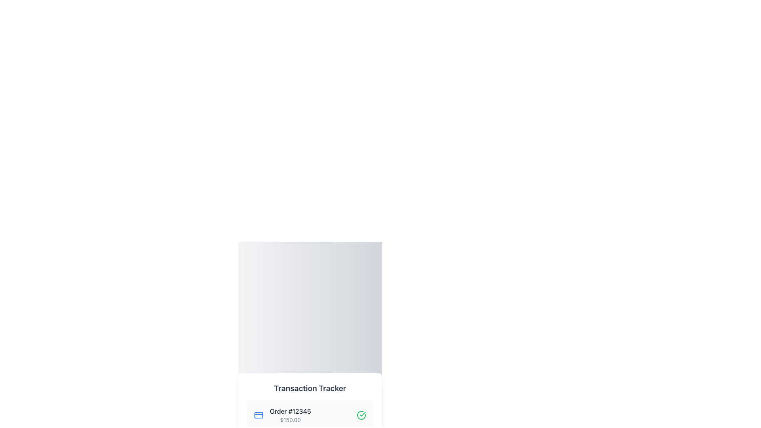 The height and width of the screenshot is (428, 761). I want to click on the state of the status indicator icon located in the top right corner of the order details card, which confirms that order #12345 has been successfully completed, so click(361, 415).